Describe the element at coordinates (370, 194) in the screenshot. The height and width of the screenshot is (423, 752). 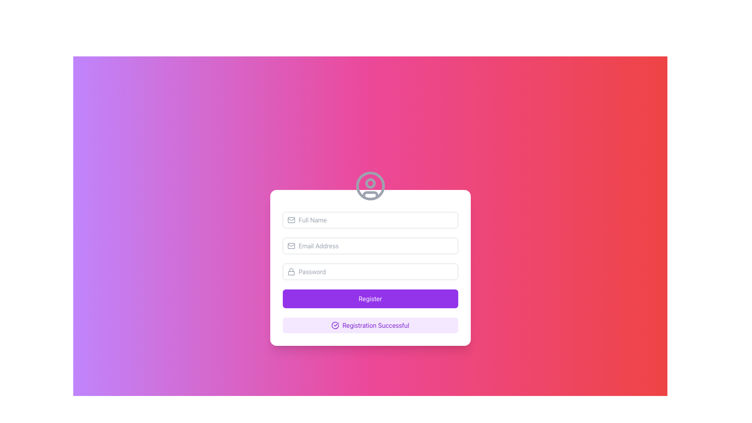
I see `the horizontal bar that represents the lower segment of the user avatar icon located at the top center of the form box` at that location.